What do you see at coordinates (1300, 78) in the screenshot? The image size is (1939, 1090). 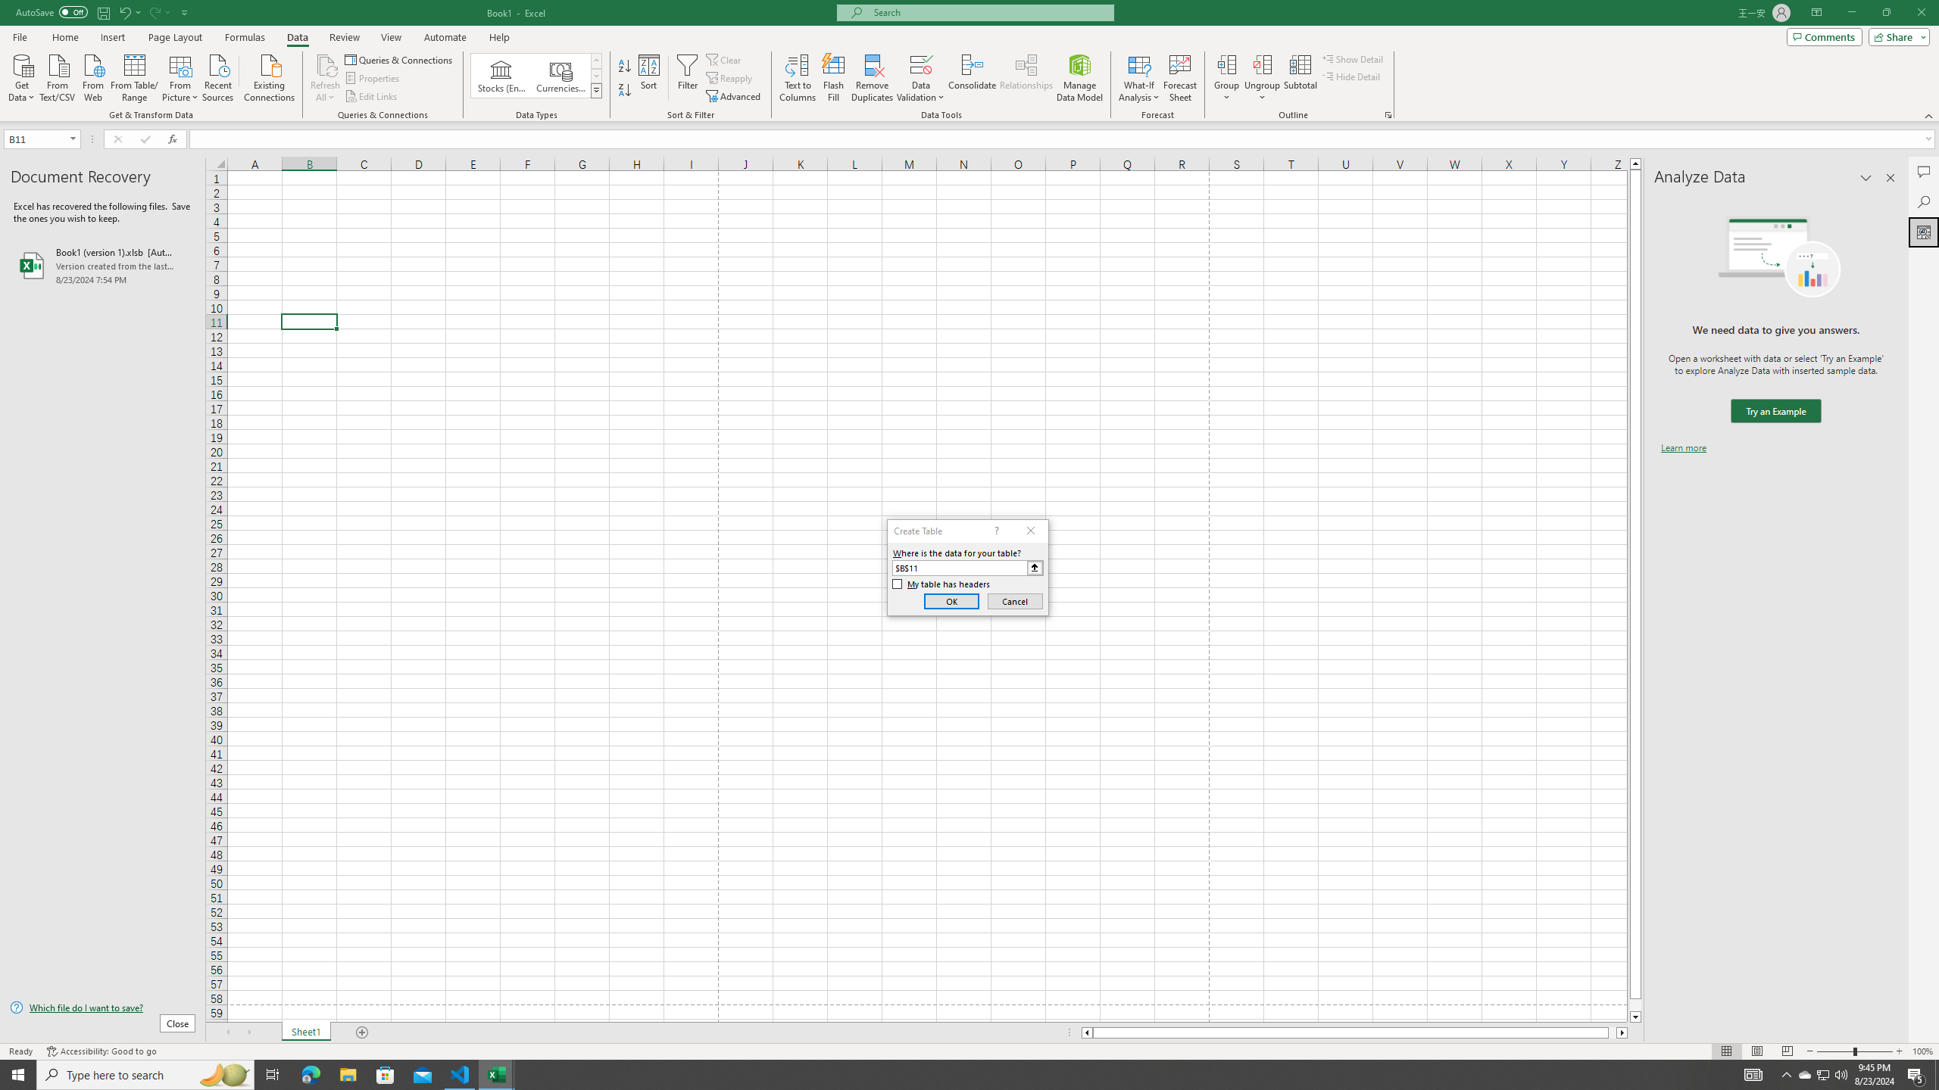 I see `'Subtotal'` at bounding box center [1300, 78].